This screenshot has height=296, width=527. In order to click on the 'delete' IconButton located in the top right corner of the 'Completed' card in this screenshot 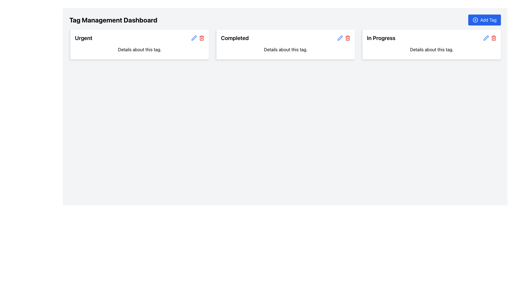, I will do `click(347, 38)`.